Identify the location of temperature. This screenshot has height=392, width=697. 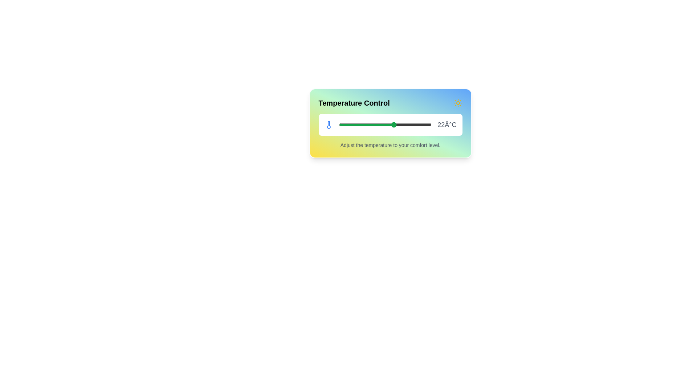
(413, 124).